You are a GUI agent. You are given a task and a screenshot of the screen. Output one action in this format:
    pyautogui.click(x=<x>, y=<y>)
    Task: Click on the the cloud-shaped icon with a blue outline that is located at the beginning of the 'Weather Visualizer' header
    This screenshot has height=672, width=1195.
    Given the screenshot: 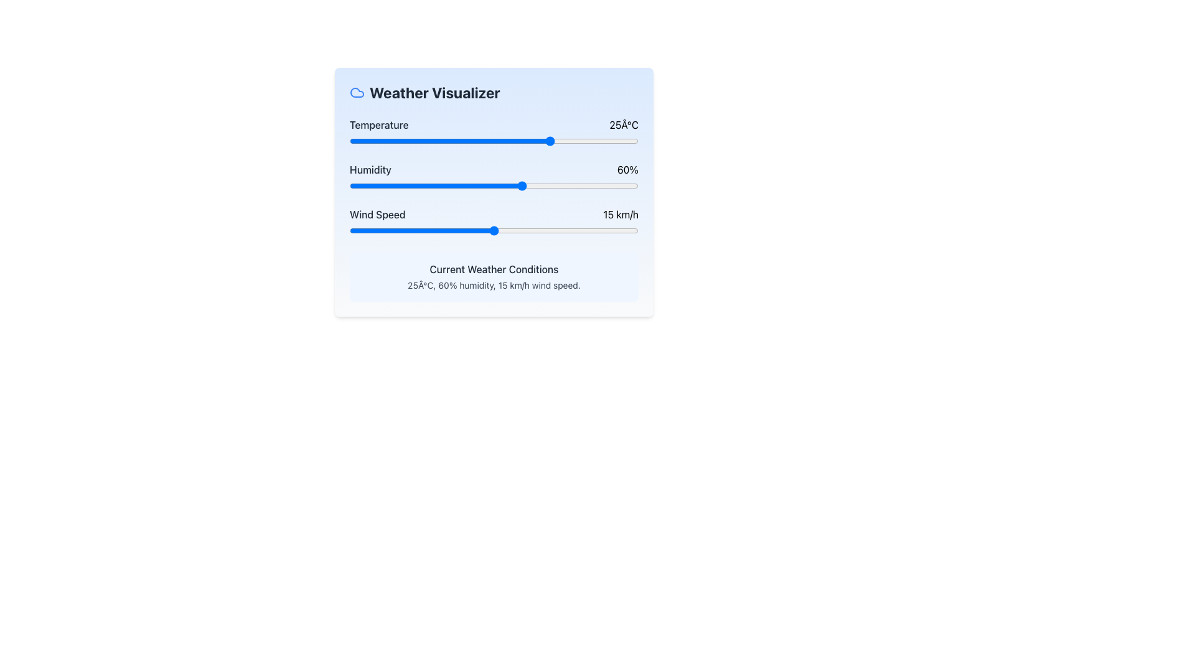 What is the action you would take?
    pyautogui.click(x=357, y=92)
    